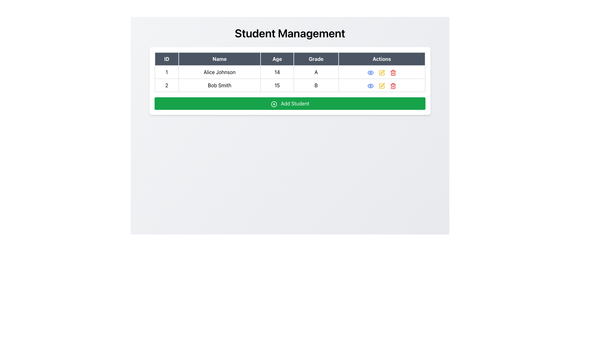 The width and height of the screenshot is (602, 339). Describe the element at coordinates (393, 86) in the screenshot. I see `the trash icon button in the second row under the 'Actions' column of the table` at that location.